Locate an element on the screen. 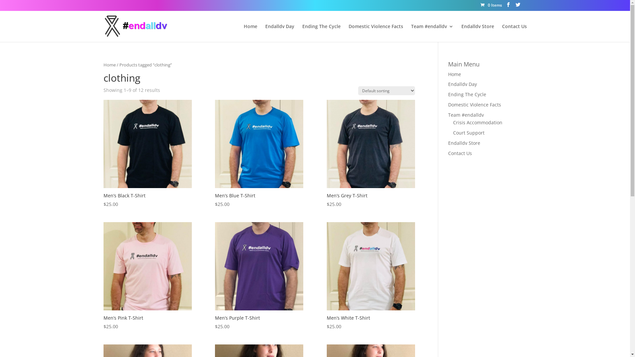 This screenshot has height=357, width=635. '0 Items' is located at coordinates (491, 5).